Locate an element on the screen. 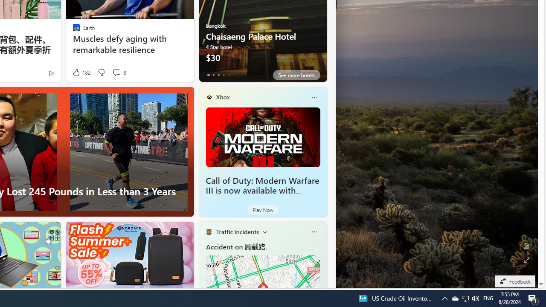  'Xbox' is located at coordinates (223, 96).